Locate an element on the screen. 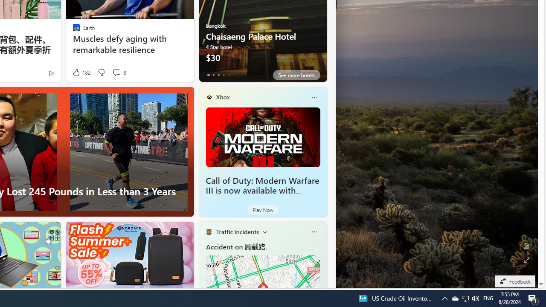  'Xbox' is located at coordinates (223, 96).